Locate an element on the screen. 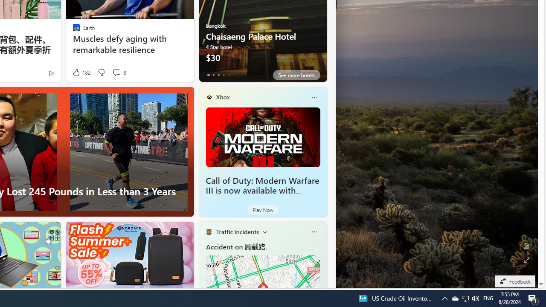  'Xbox' is located at coordinates (223, 96).